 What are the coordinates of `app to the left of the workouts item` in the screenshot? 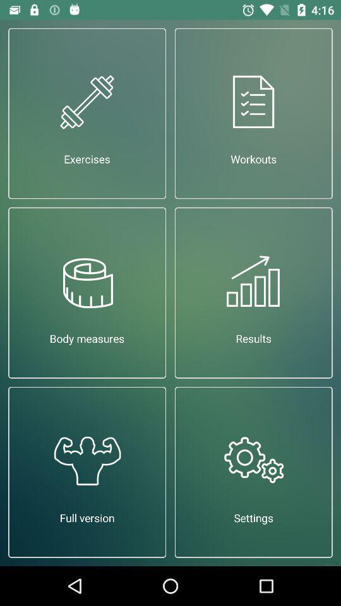 It's located at (87, 112).